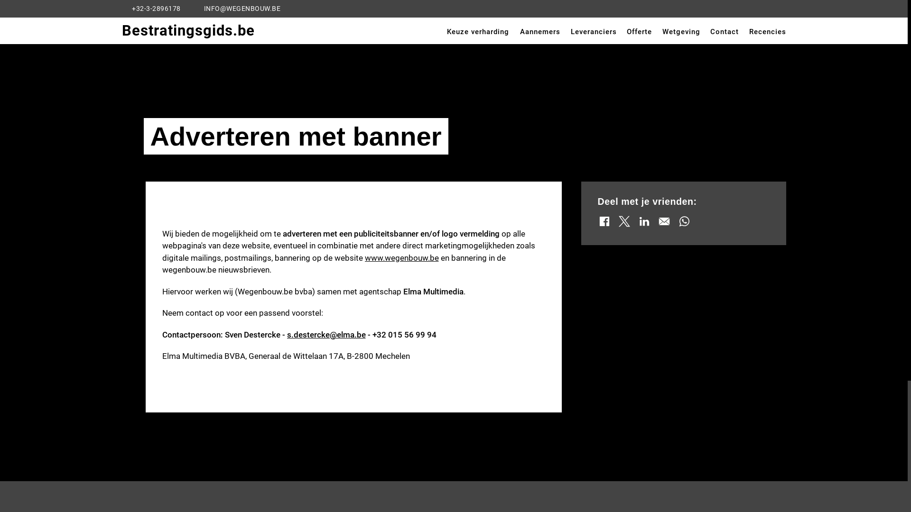 The height and width of the screenshot is (512, 911). Describe the element at coordinates (639, 32) in the screenshot. I see `'Offerte'` at that location.